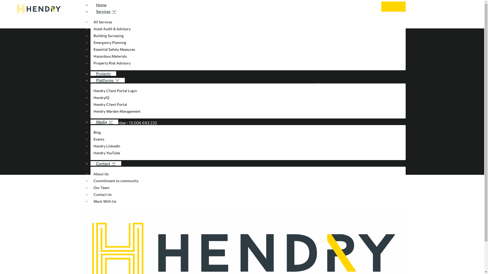  I want to click on 'Work With Us', so click(104, 201).